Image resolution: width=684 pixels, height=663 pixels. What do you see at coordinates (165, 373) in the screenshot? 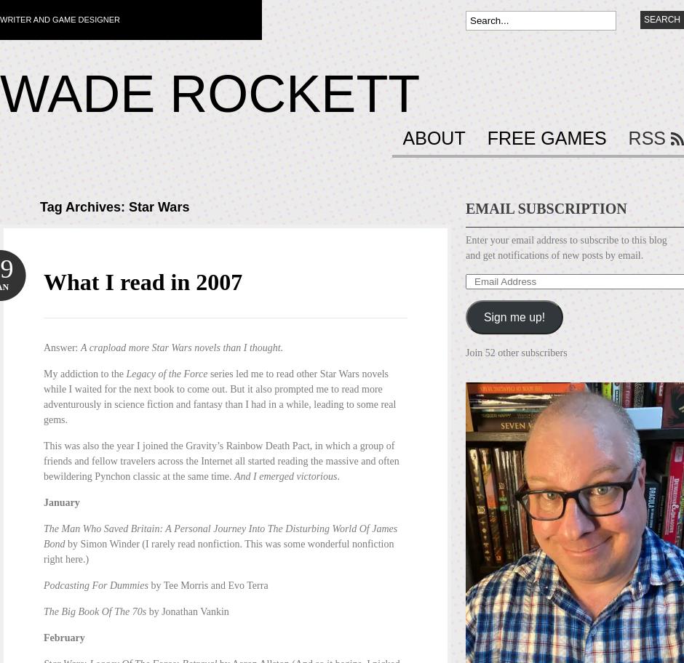
I see `'Legacy of the Force'` at bounding box center [165, 373].